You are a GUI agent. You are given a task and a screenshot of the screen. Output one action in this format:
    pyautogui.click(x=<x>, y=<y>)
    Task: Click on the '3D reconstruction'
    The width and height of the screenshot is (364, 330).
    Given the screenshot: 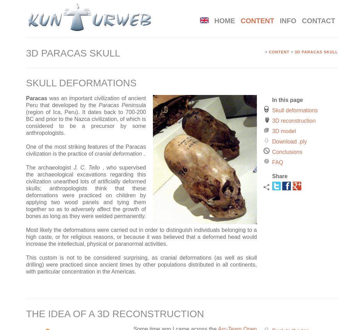 What is the action you would take?
    pyautogui.click(x=272, y=120)
    